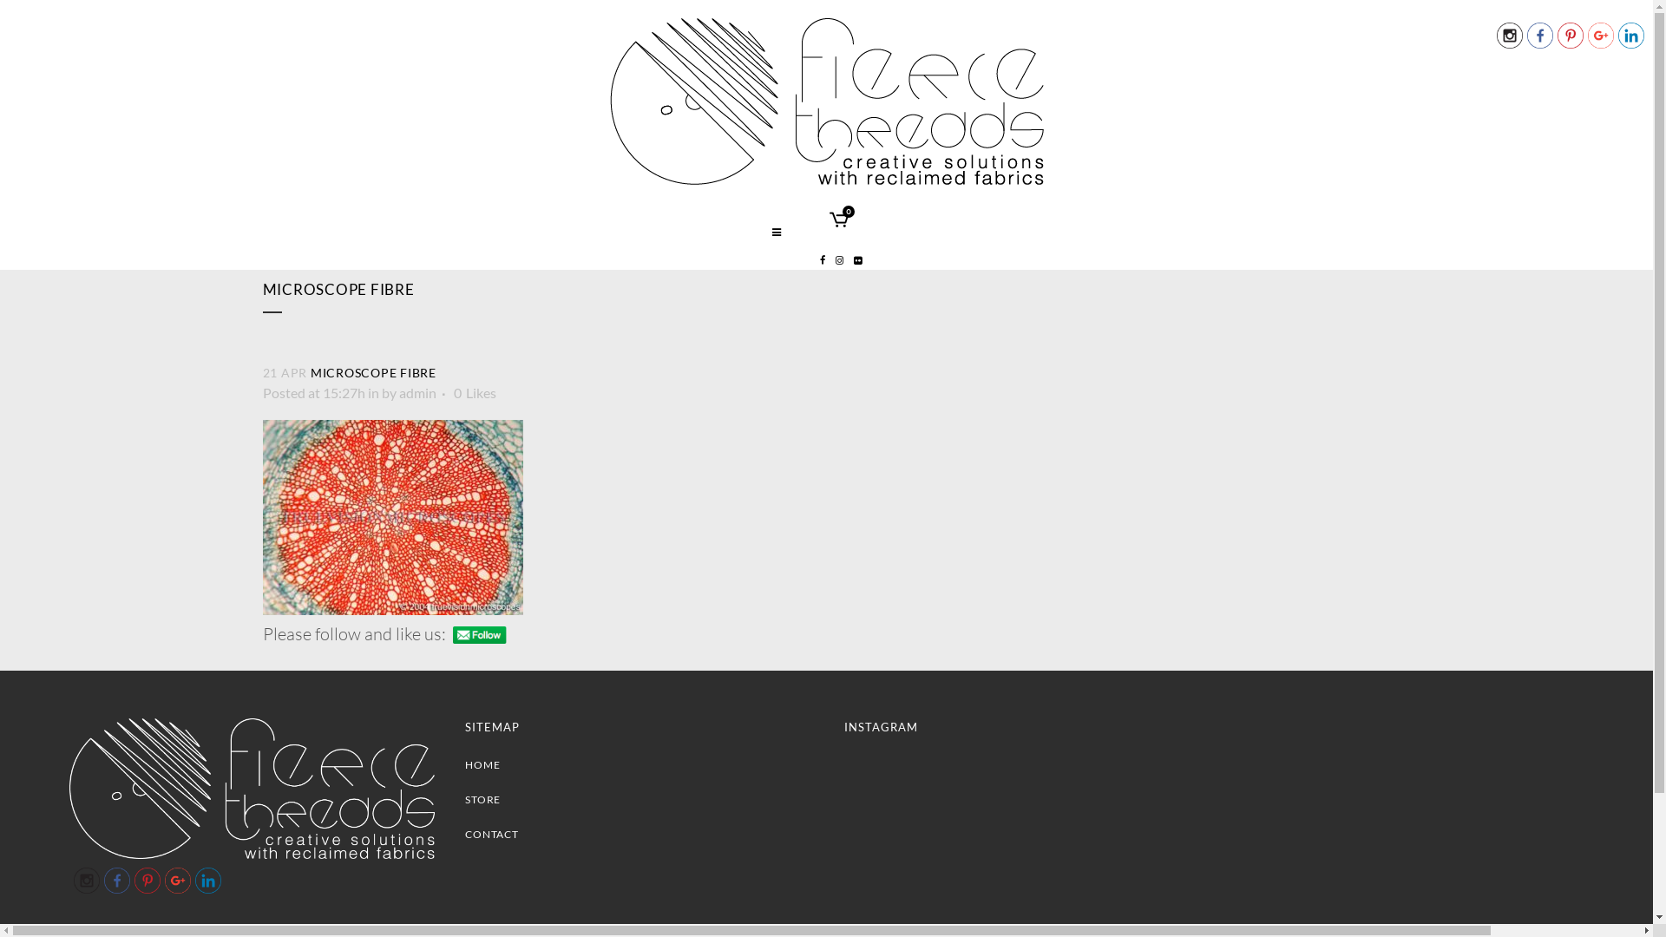  Describe the element at coordinates (133, 880) in the screenshot. I see `'Pinterest'` at that location.